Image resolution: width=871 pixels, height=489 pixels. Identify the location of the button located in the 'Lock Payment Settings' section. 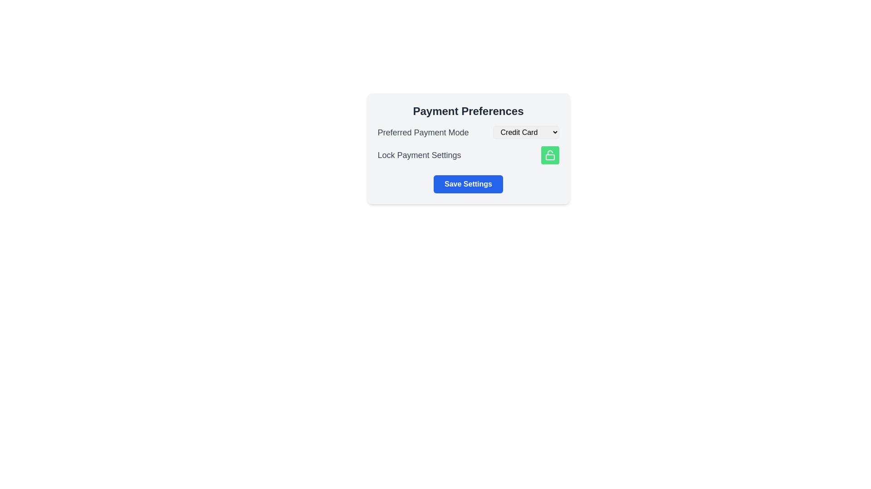
(549, 155).